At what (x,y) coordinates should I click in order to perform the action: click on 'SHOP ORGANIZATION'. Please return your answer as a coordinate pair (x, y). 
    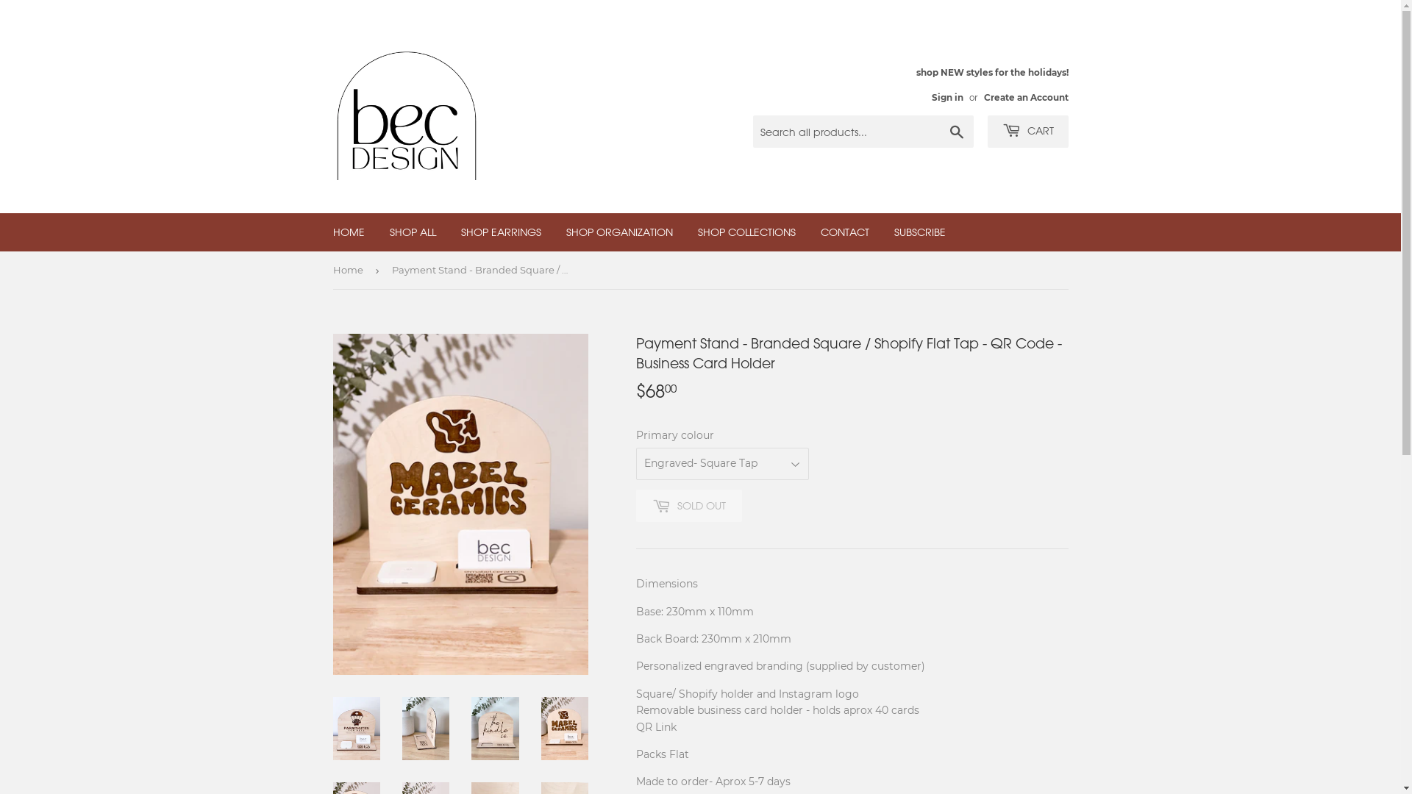
    Looking at the image, I should click on (553, 232).